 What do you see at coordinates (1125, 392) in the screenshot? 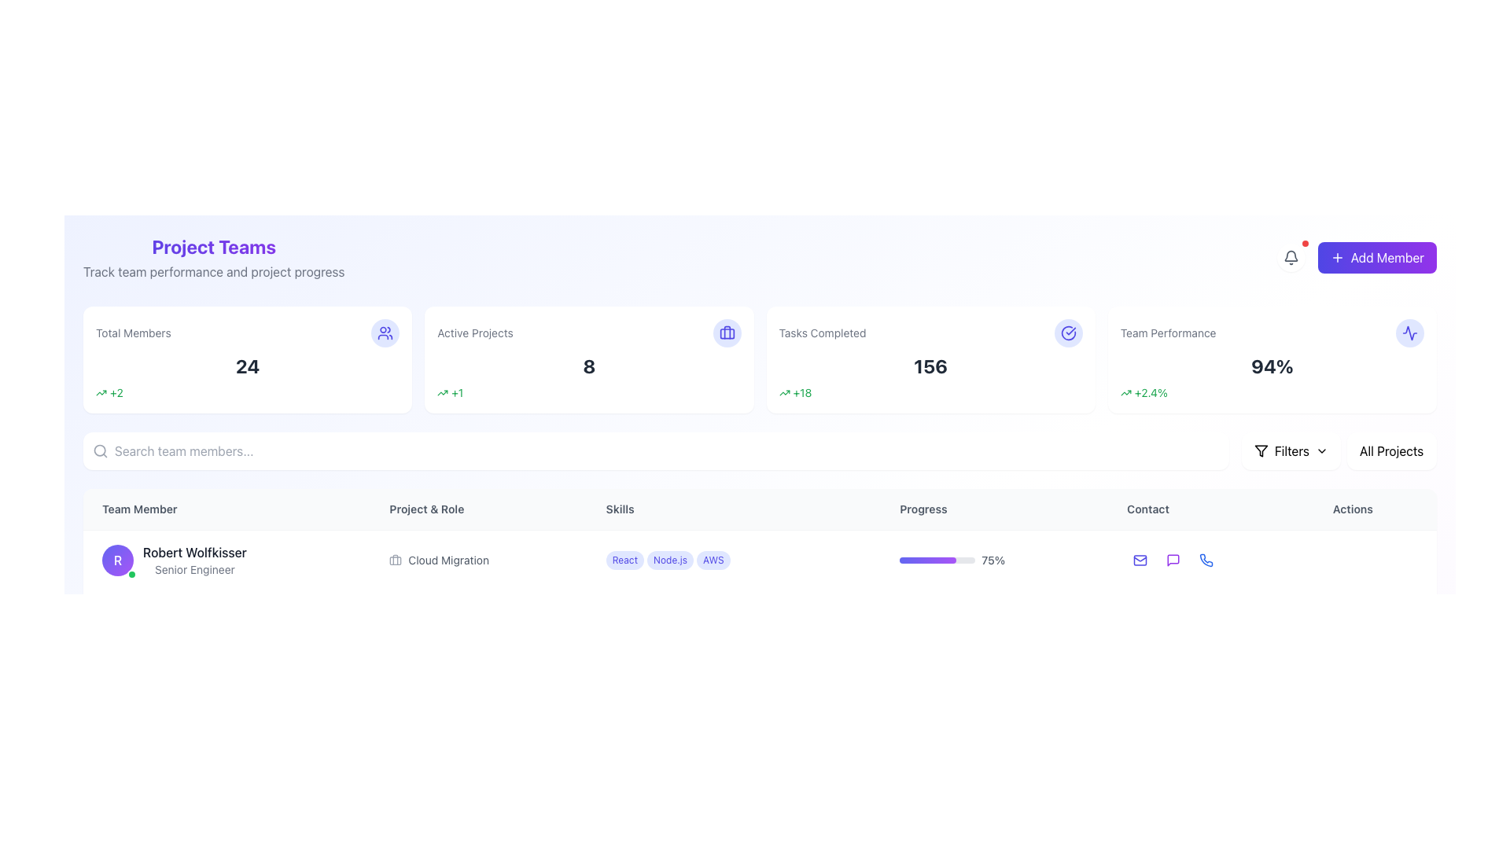
I see `the upward-trending line icon located in the 'Team Performance' card on the dashboard, positioned to the left of the '+2.4%' text` at bounding box center [1125, 392].